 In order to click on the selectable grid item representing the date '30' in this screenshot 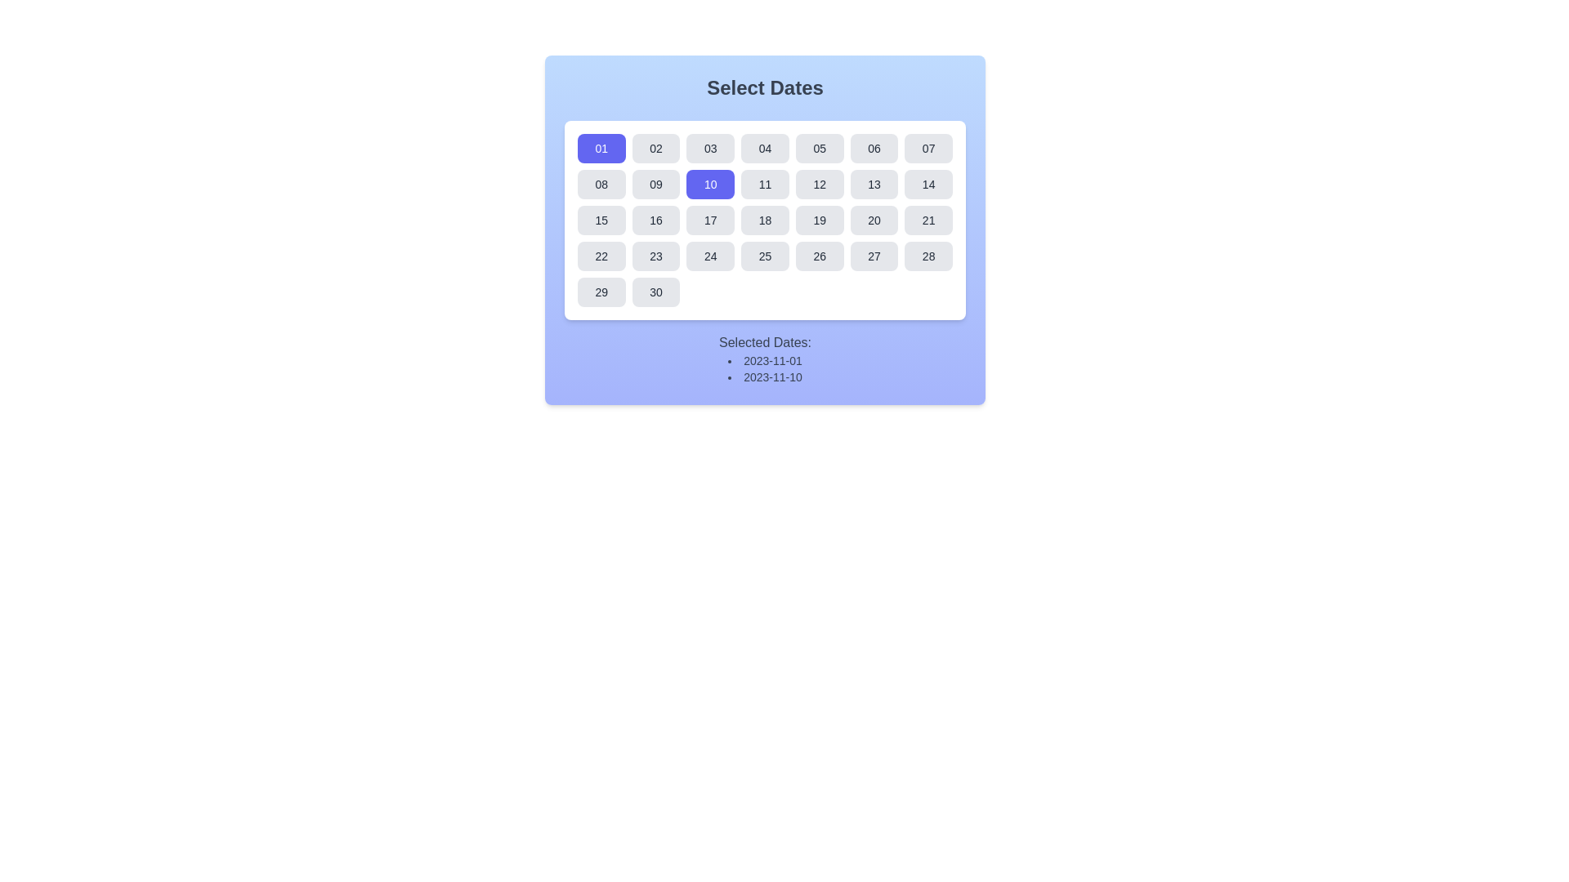, I will do `click(656, 292)`.